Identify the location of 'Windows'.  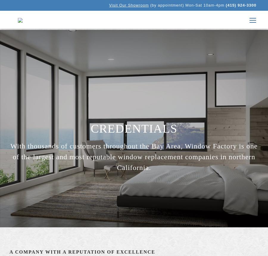
(219, 24).